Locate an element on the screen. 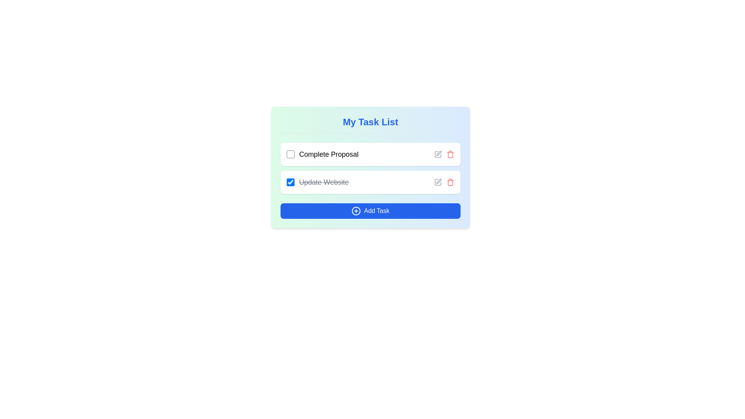 This screenshot has width=745, height=419. the checkbox for the task 'Complete Proposal' is located at coordinates (290, 154).